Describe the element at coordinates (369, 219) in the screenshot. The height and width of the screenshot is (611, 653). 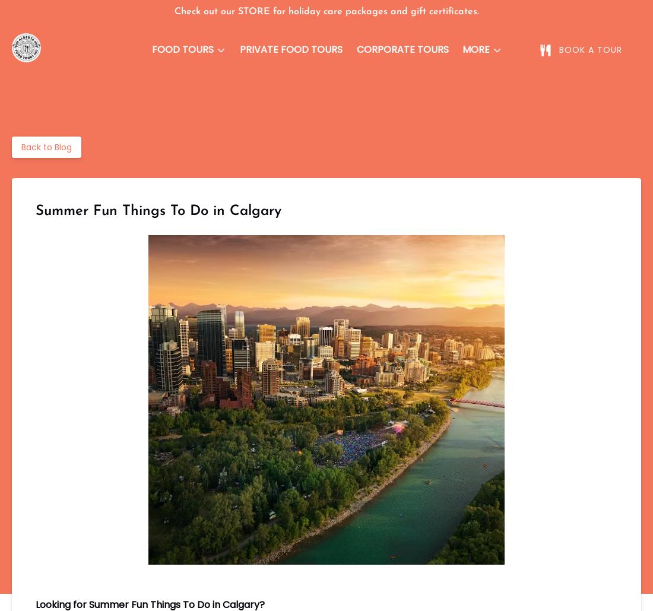
I see `'Shop'` at that location.